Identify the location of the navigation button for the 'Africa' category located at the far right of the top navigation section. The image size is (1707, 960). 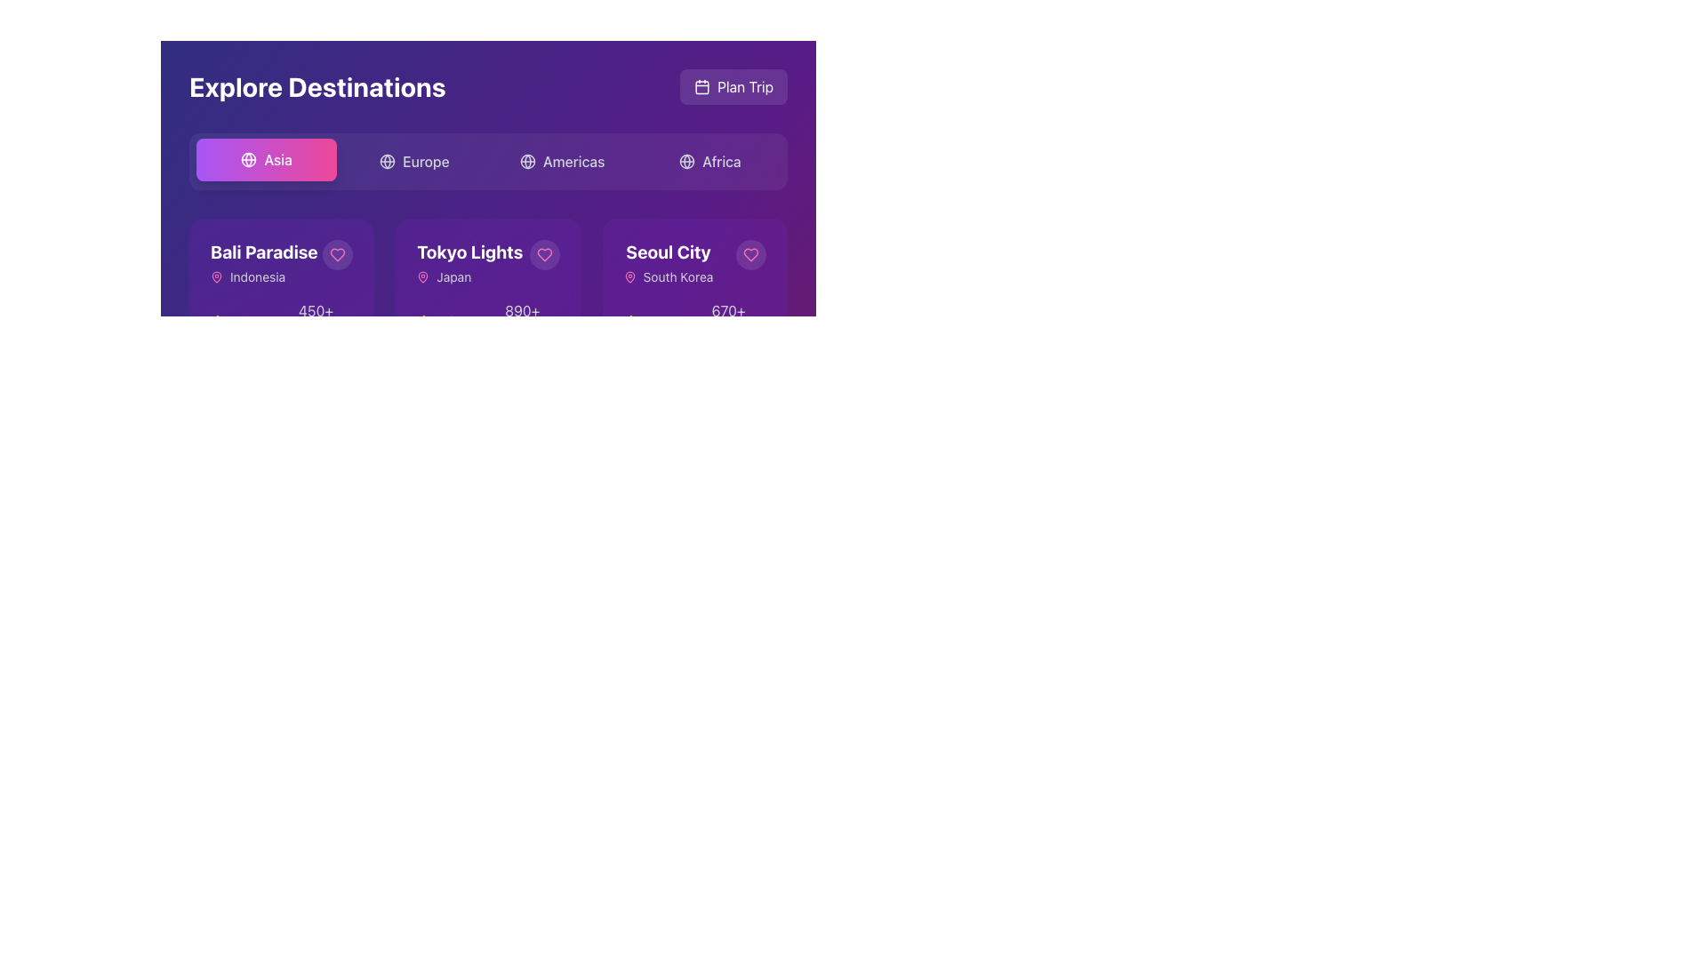
(709, 161).